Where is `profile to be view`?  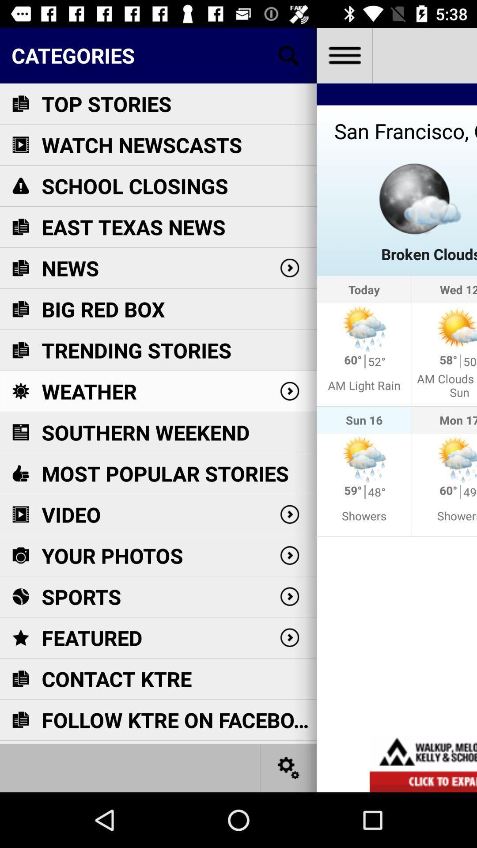
profile to be view is located at coordinates (344, 55).